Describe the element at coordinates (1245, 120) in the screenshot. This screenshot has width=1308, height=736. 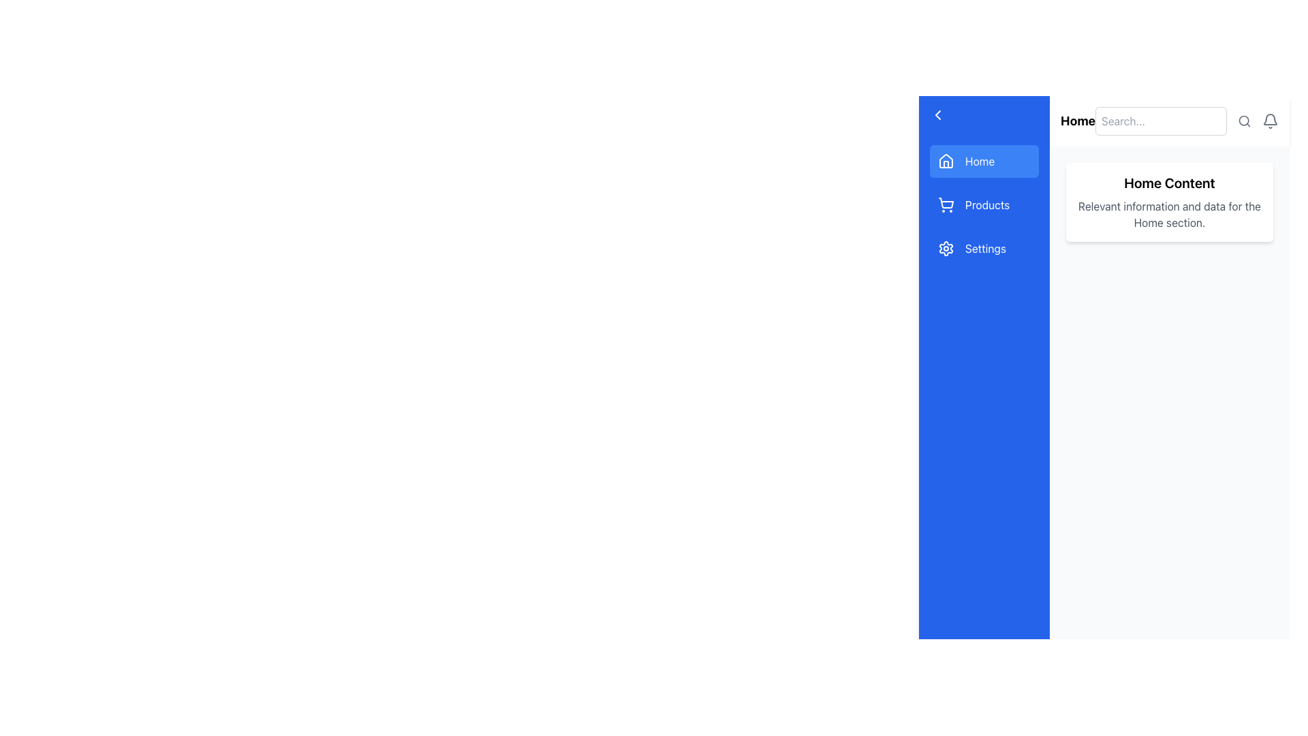
I see `the magnifying glass icon located to the immediate right of the 'Search...' input field to initiate the search` at that location.